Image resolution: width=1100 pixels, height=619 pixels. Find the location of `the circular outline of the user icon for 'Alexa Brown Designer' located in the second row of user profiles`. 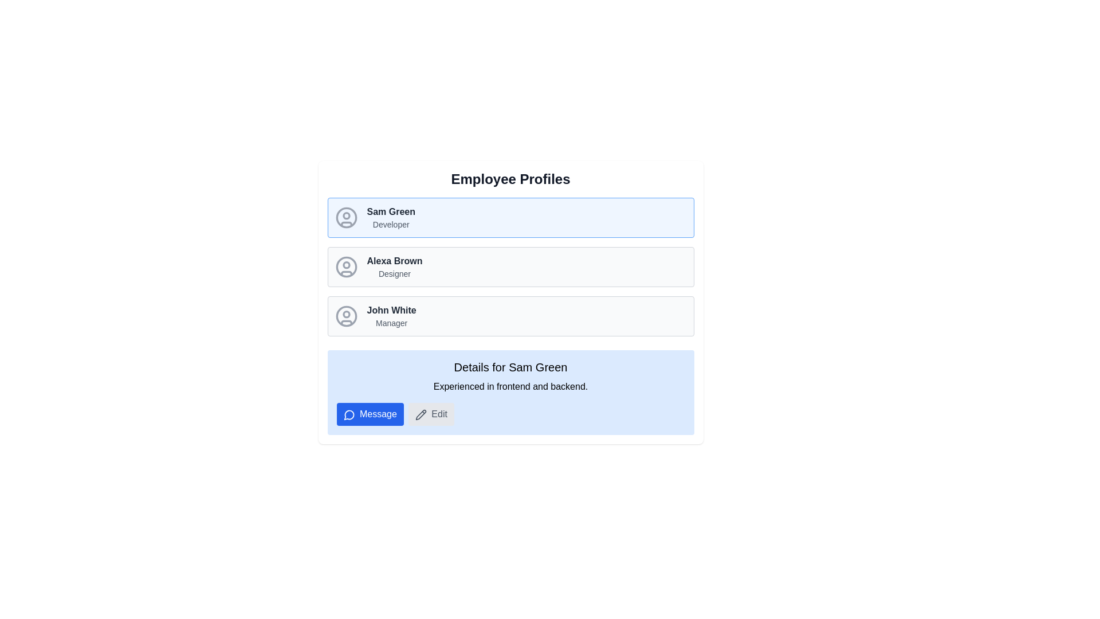

the circular outline of the user icon for 'Alexa Brown Designer' located in the second row of user profiles is located at coordinates (345, 267).